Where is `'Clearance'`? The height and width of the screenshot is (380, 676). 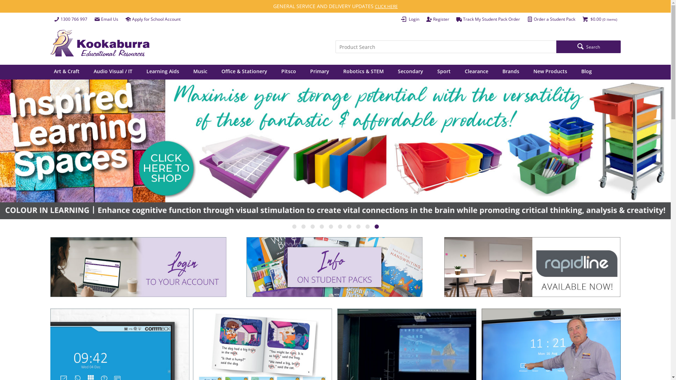 'Clearance' is located at coordinates (476, 72).